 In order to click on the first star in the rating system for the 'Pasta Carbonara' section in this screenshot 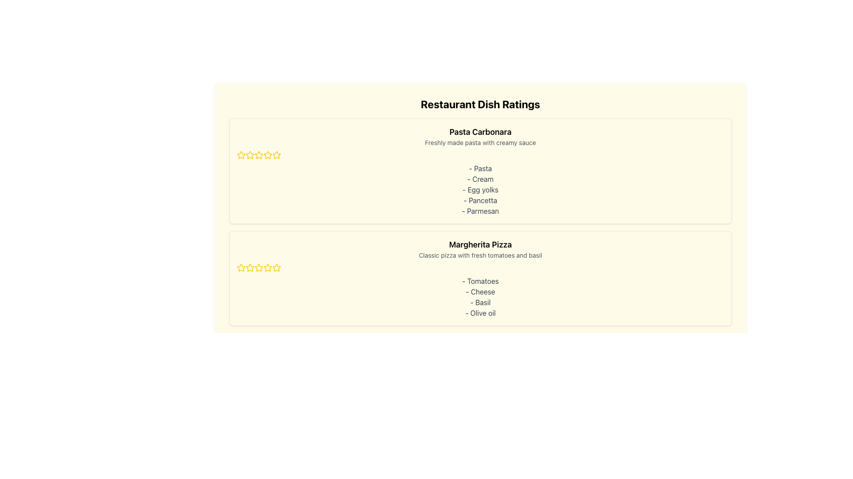, I will do `click(241, 154)`.